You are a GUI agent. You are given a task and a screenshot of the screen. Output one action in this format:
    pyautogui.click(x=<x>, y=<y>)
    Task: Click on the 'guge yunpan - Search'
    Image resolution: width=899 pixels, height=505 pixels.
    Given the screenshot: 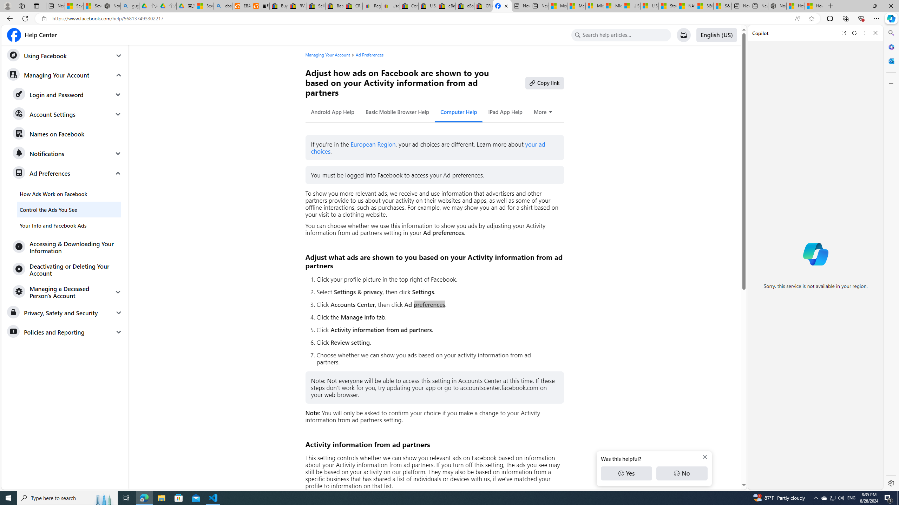 What is the action you would take?
    pyautogui.click(x=129, y=6)
    